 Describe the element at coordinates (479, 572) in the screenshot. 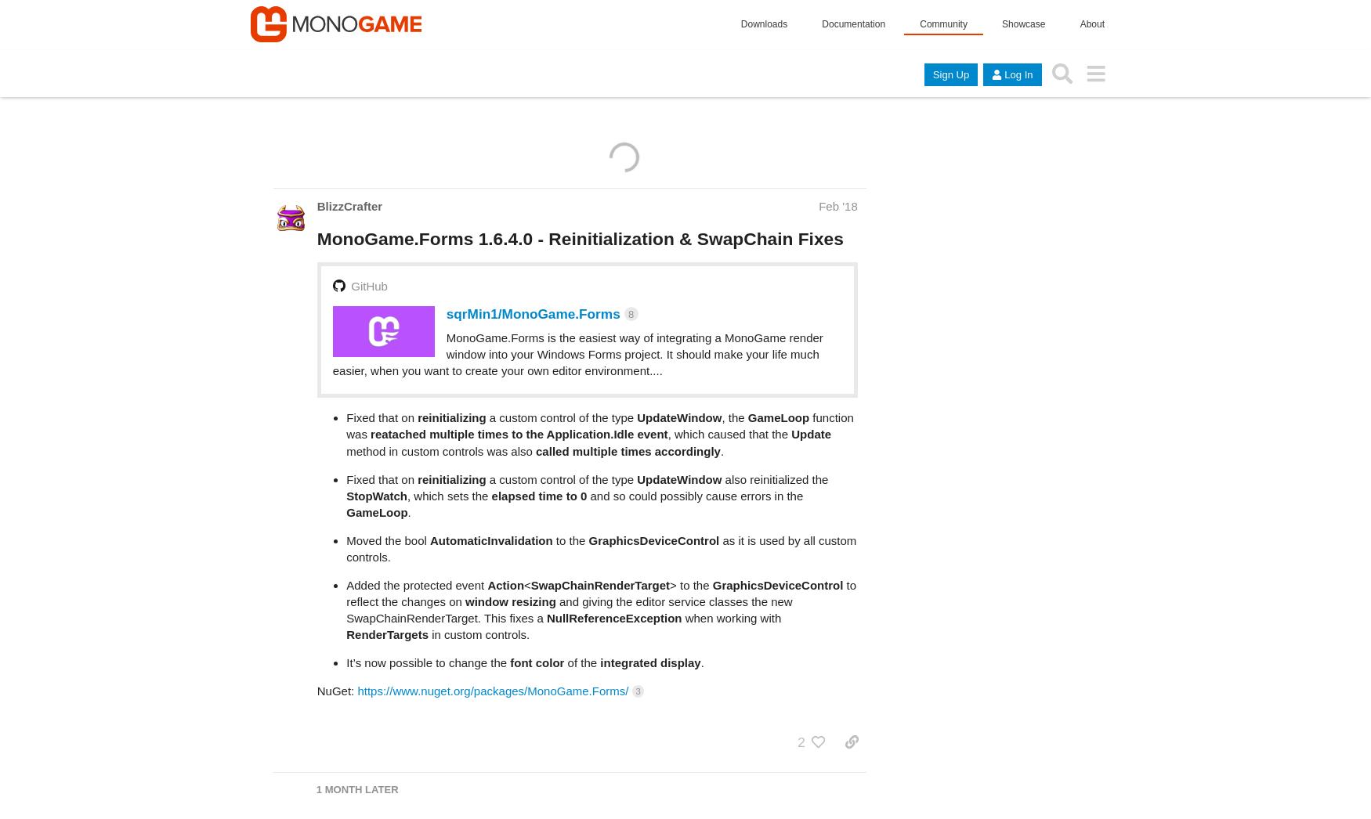

I see `'in custom controls.'` at that location.